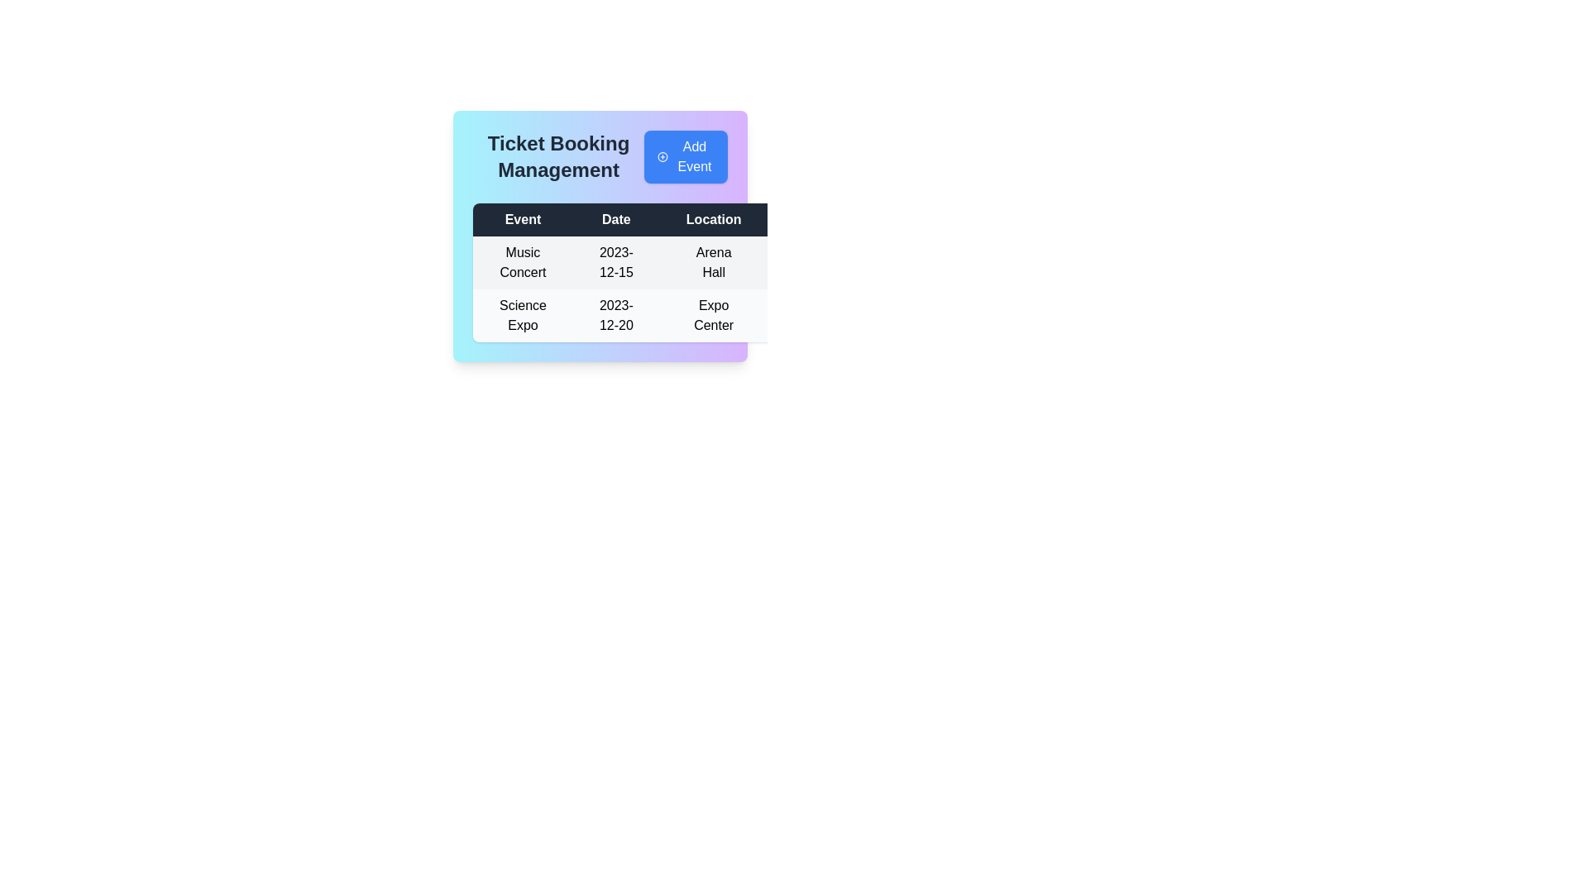 This screenshot has width=1588, height=893. Describe the element at coordinates (746, 315) in the screenshot. I see `details presented in the 'Science Expo' information row, which is the second row in the 'Ticket Booking Management' panel` at that location.